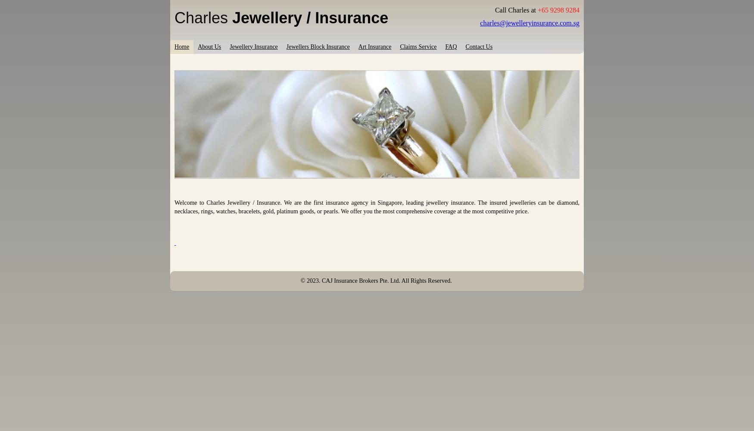 Image resolution: width=754 pixels, height=431 pixels. Describe the element at coordinates (558, 9) in the screenshot. I see `'+65 9298 9284'` at that location.